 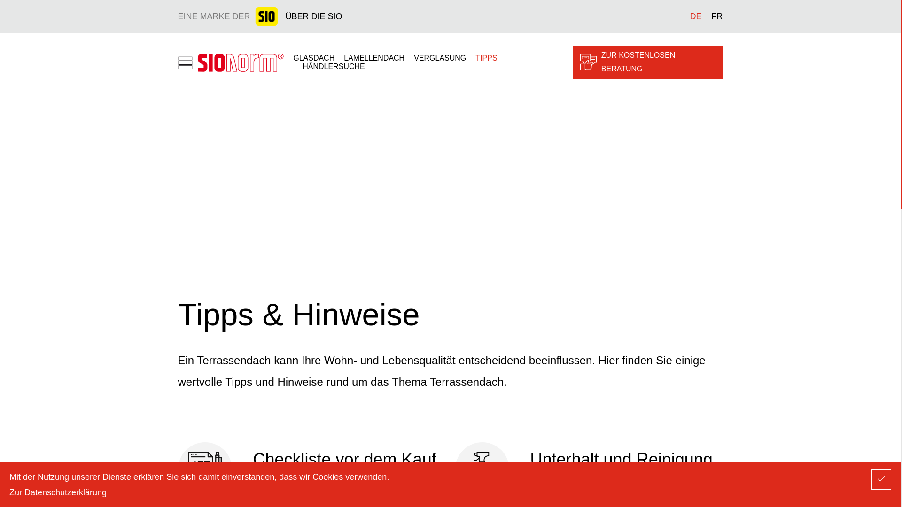 What do you see at coordinates (311, 469) in the screenshot?
I see `'Checkliste vor dem Kauf'` at bounding box center [311, 469].